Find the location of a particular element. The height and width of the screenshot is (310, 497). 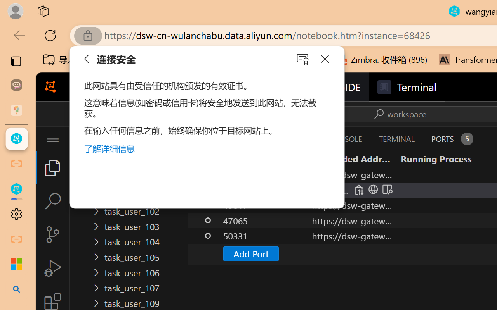

'Preview in Editor' is located at coordinates (386, 189).